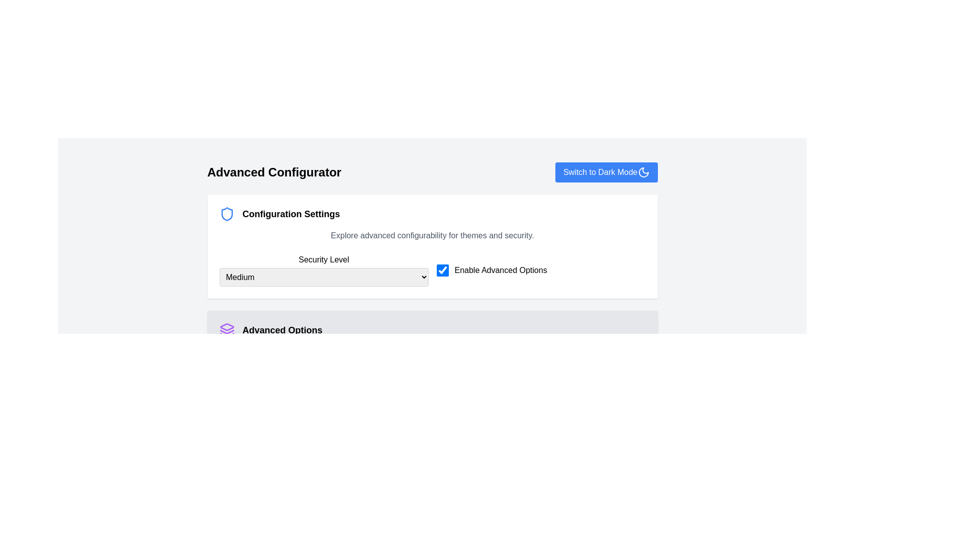 Image resolution: width=965 pixels, height=543 pixels. I want to click on properties of the security icon located within the 'Configuration Settings' card, positioned to the left of the title text at the top of the card, so click(226, 213).